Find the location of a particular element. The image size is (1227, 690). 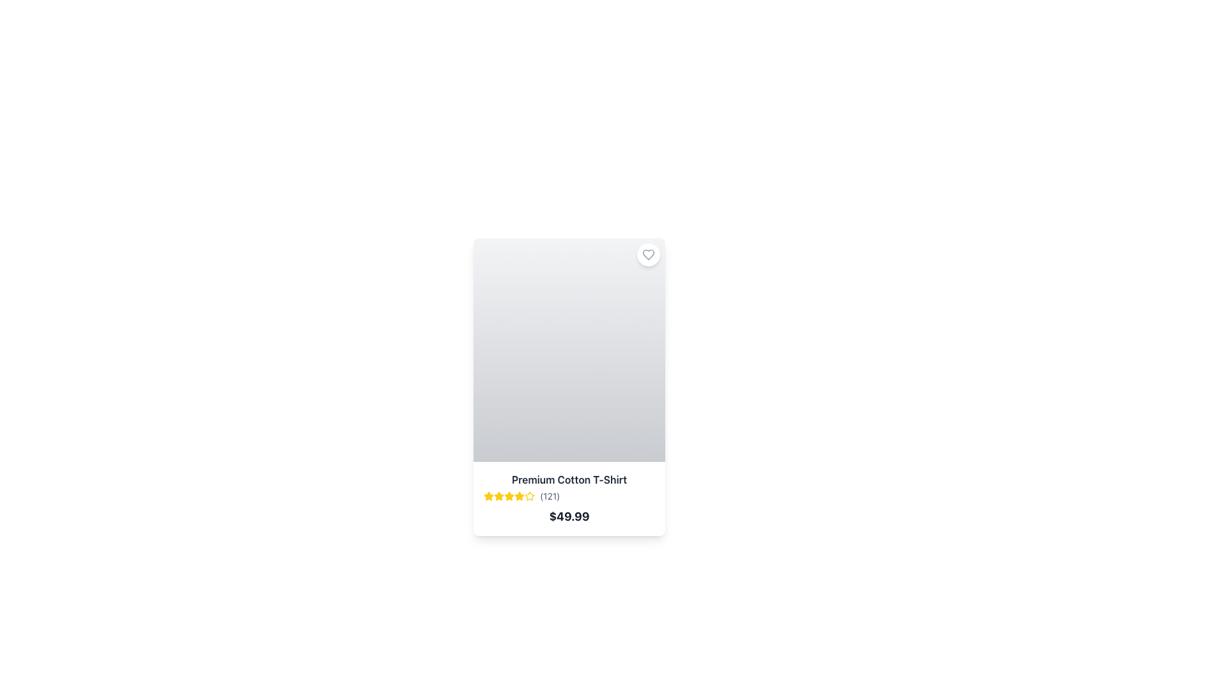

the first star icon in the 5-star rating system, which is positioned directly below the product name and above the product price is located at coordinates (488, 495).